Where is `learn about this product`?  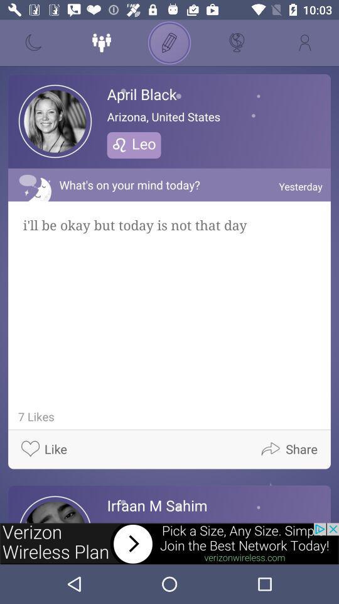
learn about this product is located at coordinates (169, 543).